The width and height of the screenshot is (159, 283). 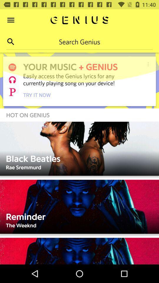 I want to click on the search icon, so click(x=11, y=41).